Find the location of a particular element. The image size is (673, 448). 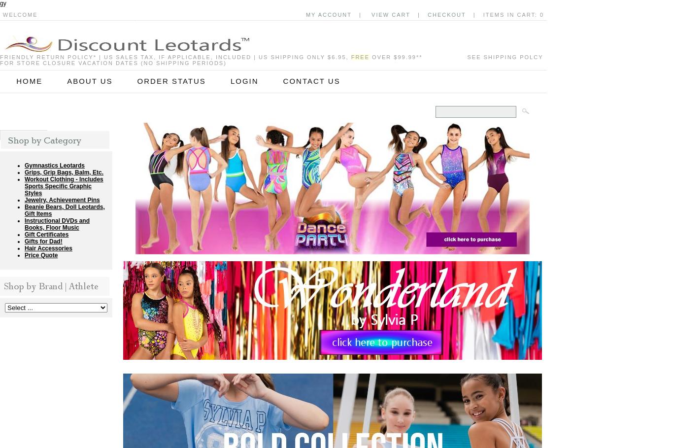

'My Account' is located at coordinates (305, 14).